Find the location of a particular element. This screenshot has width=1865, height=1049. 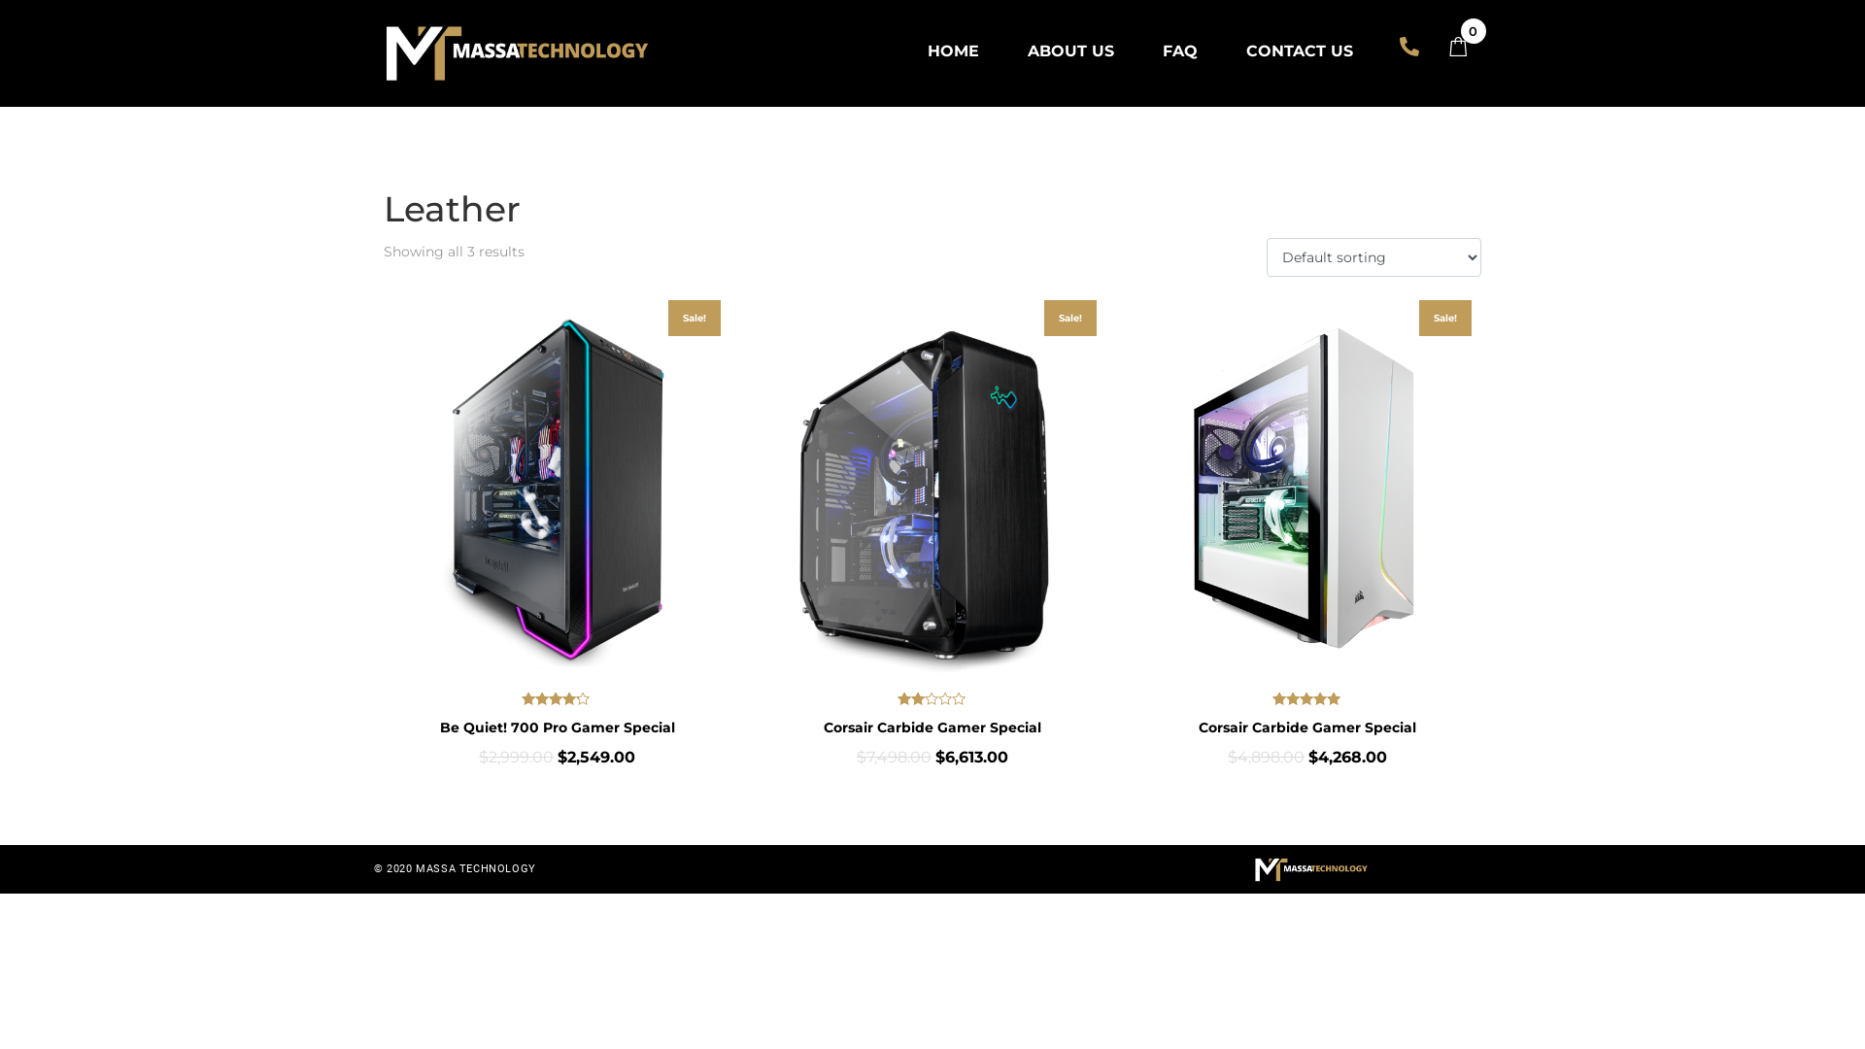

'ABOUT US' is located at coordinates (1069, 50).